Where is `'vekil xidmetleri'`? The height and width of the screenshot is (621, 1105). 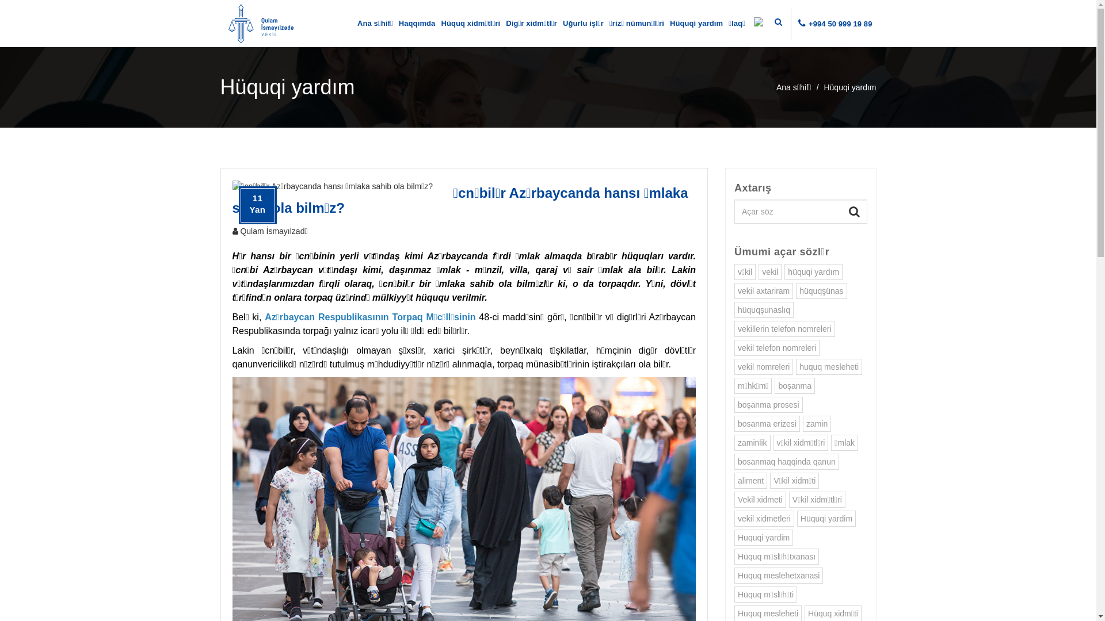 'vekil xidmetleri' is located at coordinates (764, 519).